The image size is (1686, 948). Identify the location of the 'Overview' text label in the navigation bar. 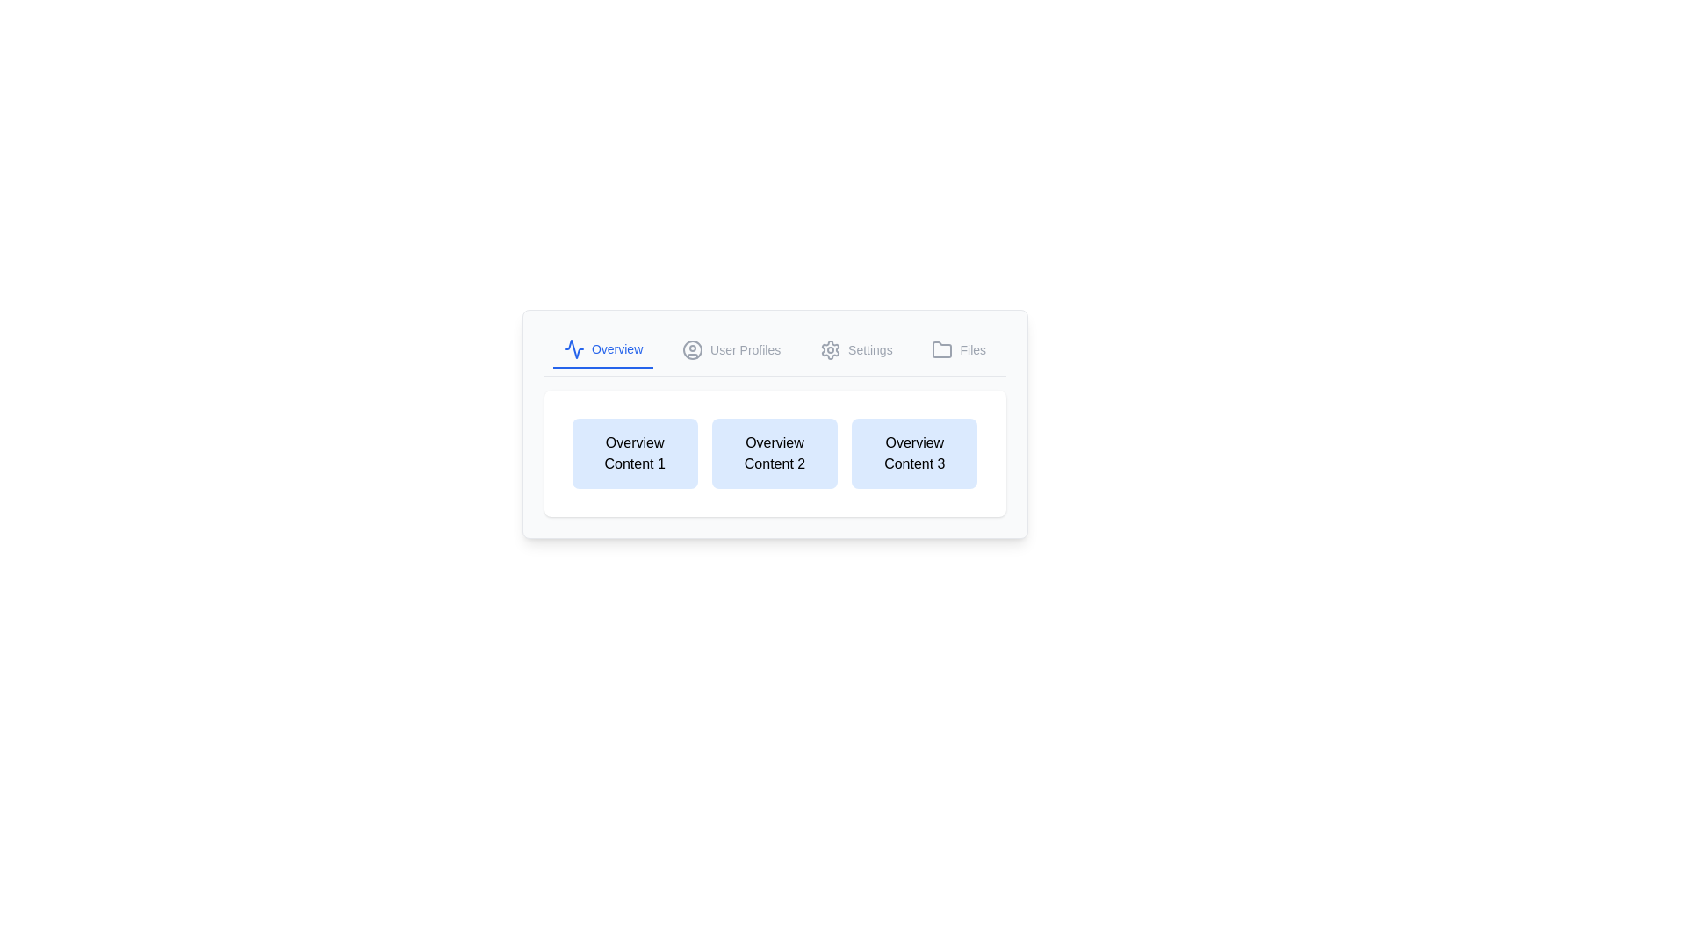
(617, 348).